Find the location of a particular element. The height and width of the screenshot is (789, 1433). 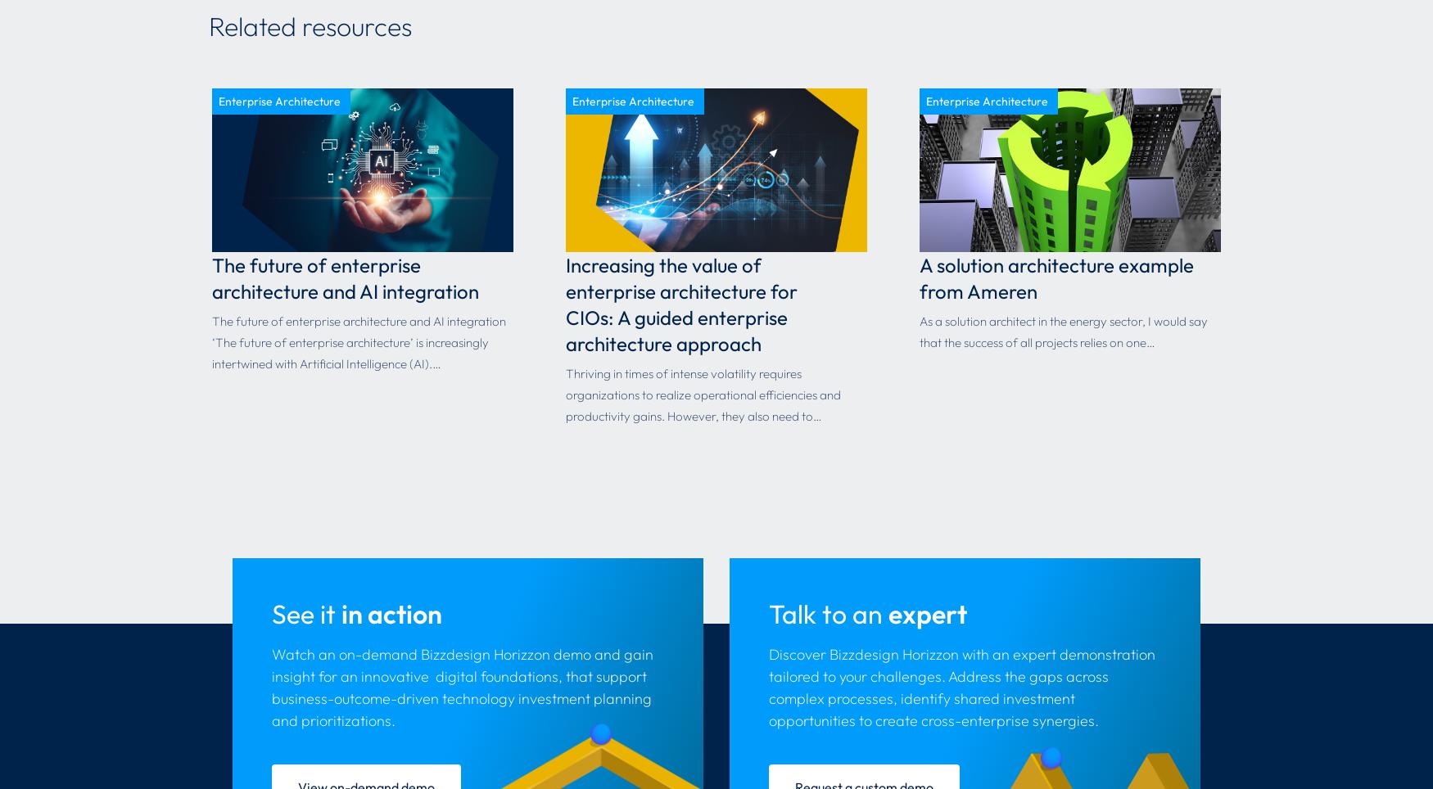

'See it' is located at coordinates (306, 612).